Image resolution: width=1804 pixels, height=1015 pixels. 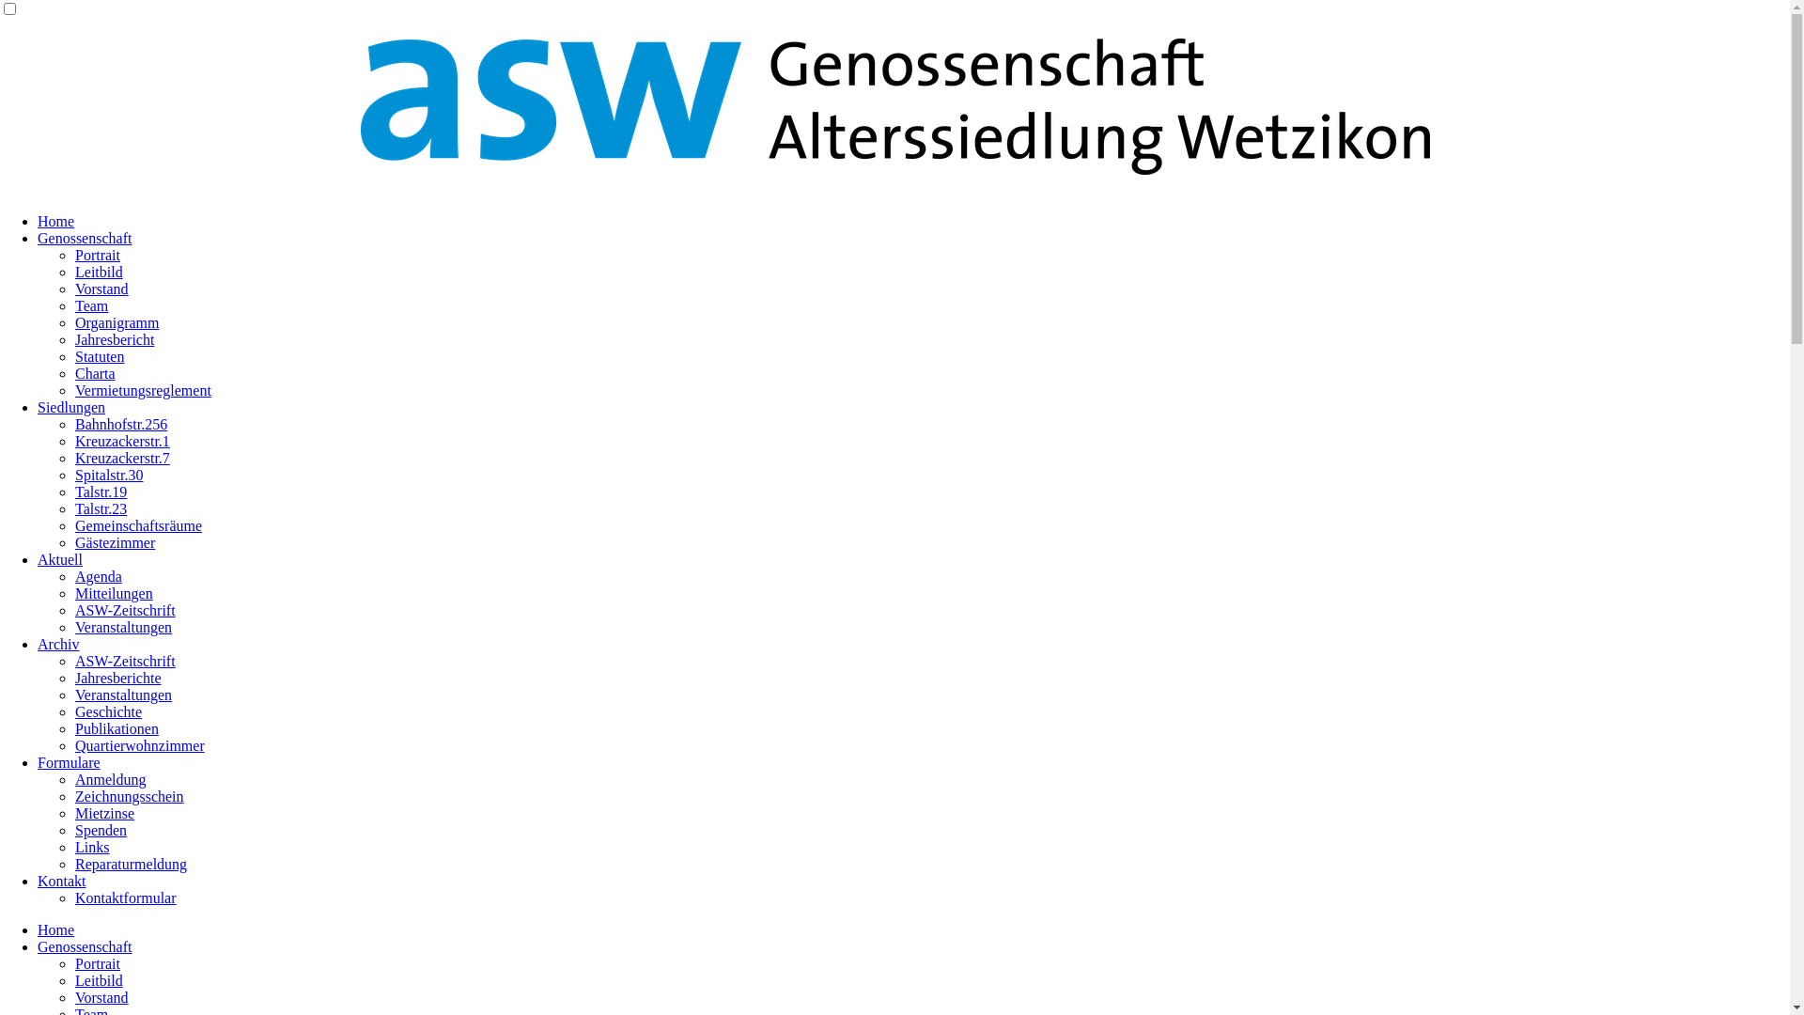 What do you see at coordinates (90, 304) in the screenshot?
I see `'Team'` at bounding box center [90, 304].